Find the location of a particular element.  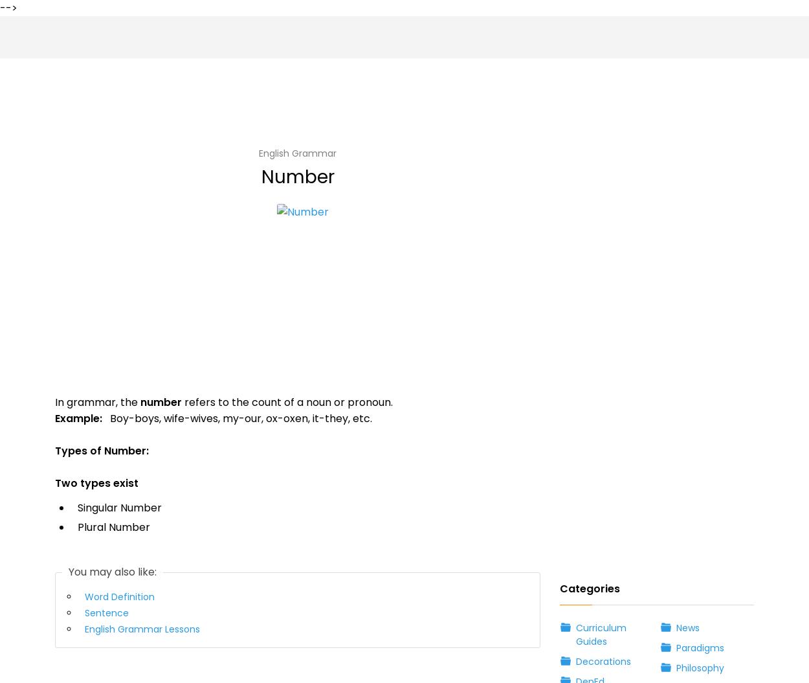

'Corps' is located at coordinates (74, 278).